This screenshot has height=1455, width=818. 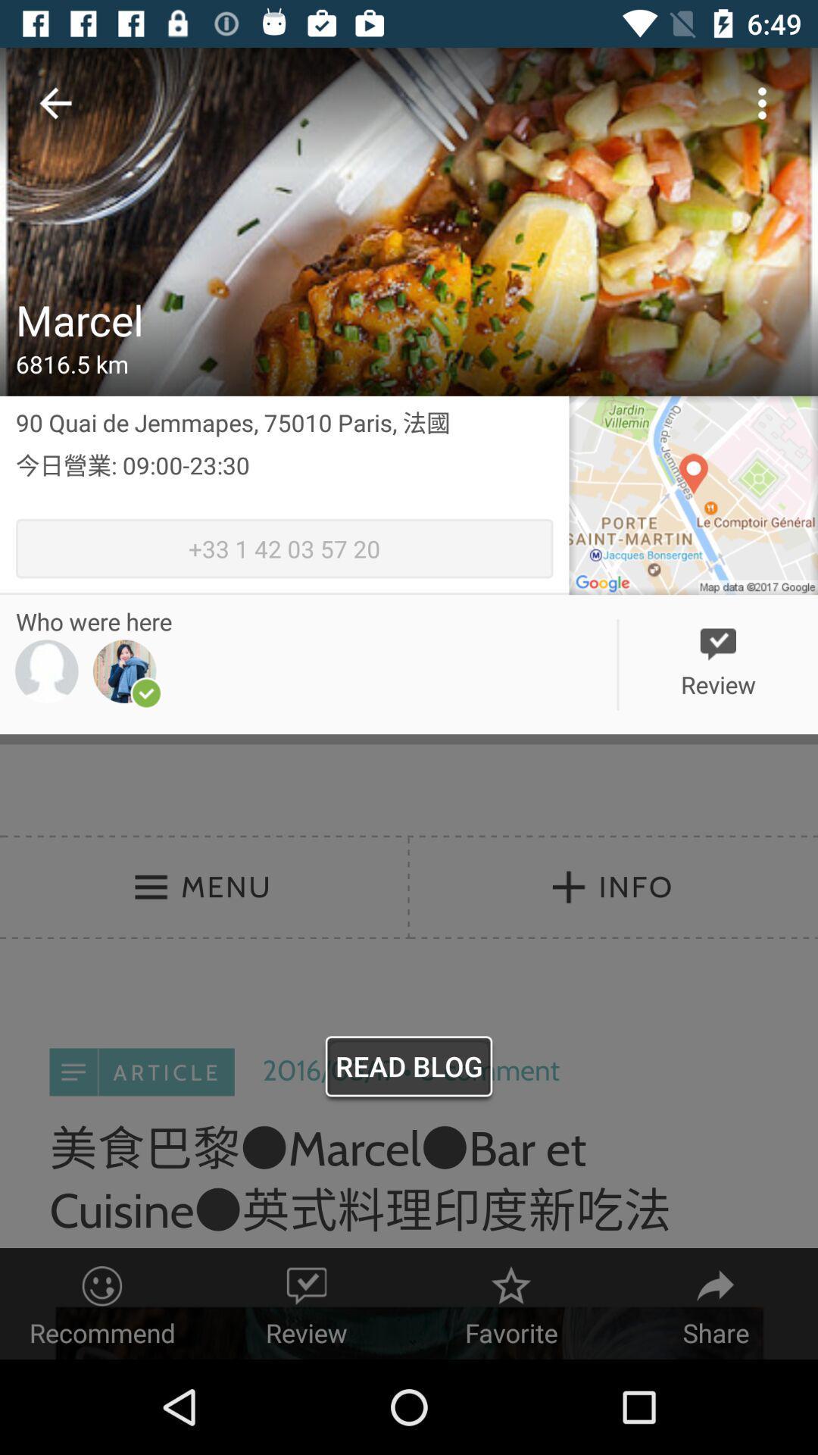 I want to click on the arrow_backward icon, so click(x=55, y=106).